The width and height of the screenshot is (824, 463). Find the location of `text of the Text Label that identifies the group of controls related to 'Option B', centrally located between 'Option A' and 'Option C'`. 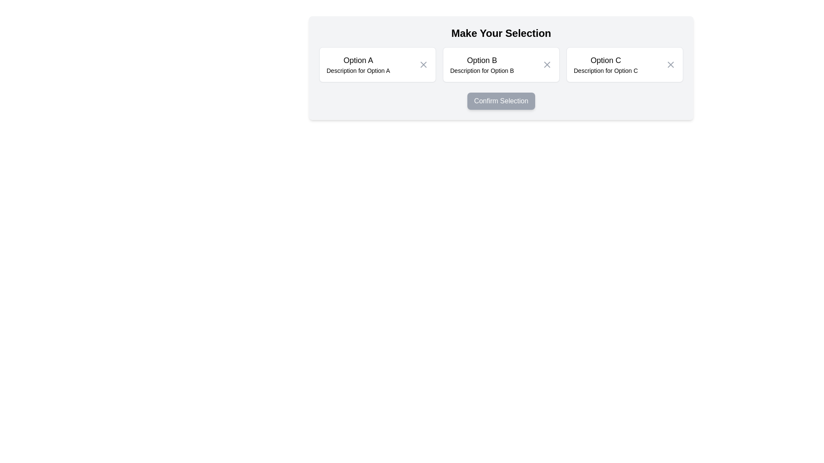

text of the Text Label that identifies the group of controls related to 'Option B', centrally located between 'Option A' and 'Option C' is located at coordinates (482, 60).